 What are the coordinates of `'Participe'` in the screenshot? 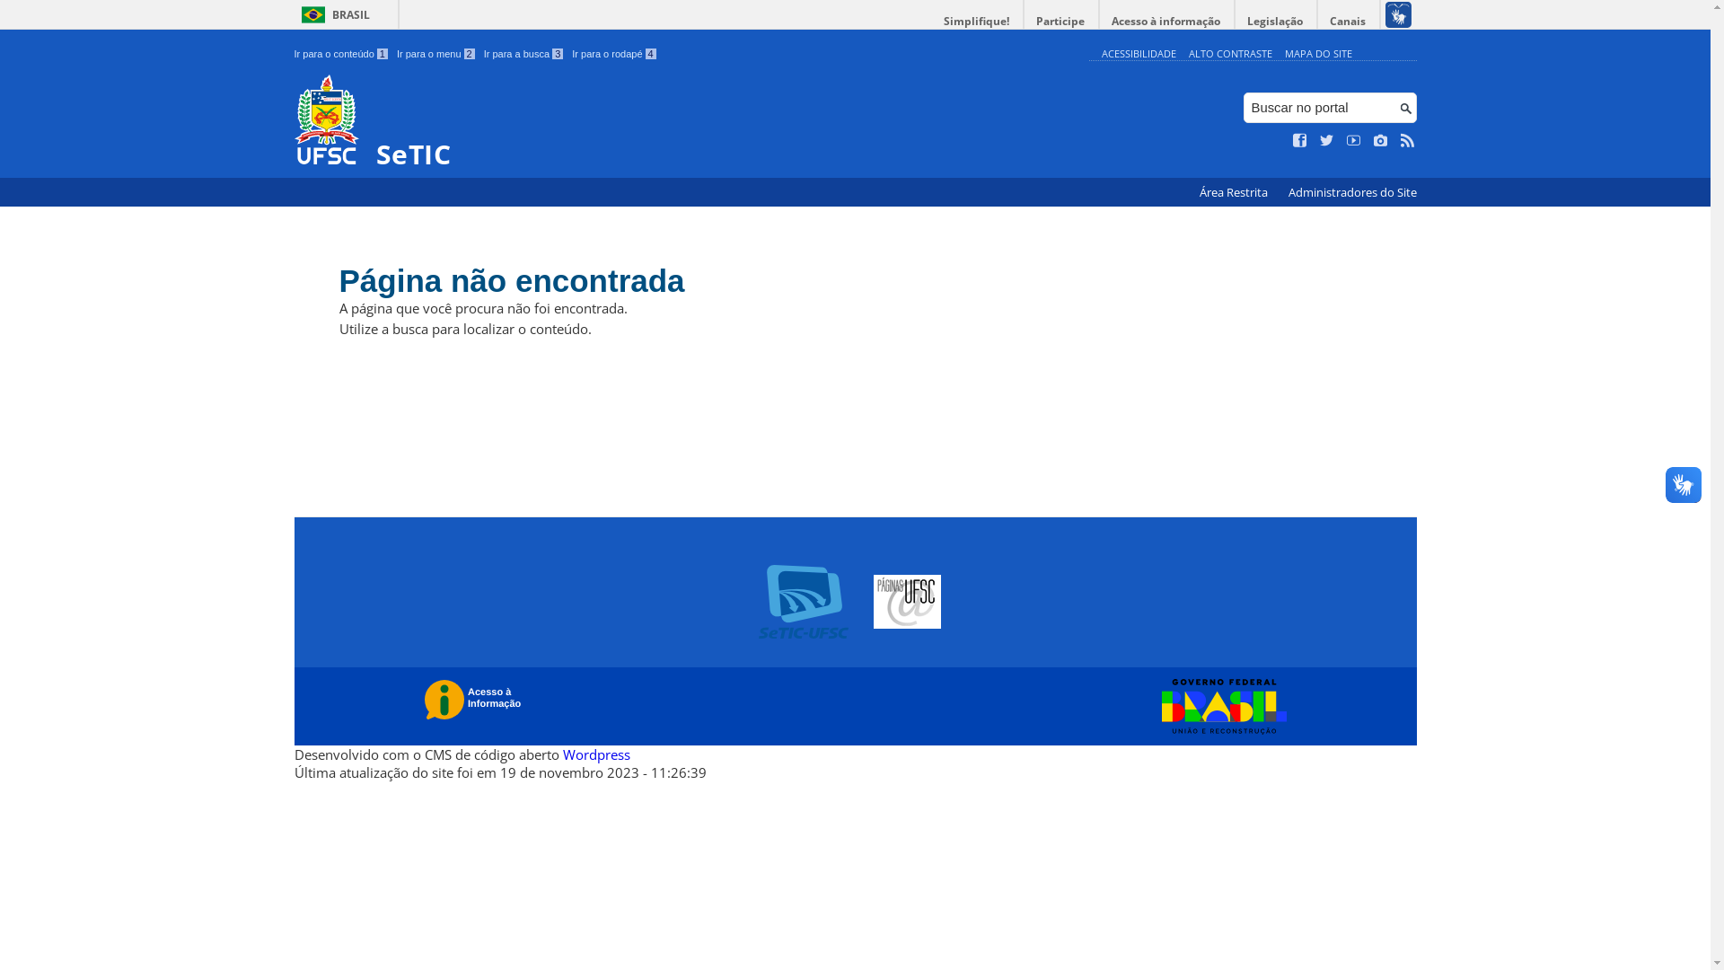 It's located at (1060, 21).